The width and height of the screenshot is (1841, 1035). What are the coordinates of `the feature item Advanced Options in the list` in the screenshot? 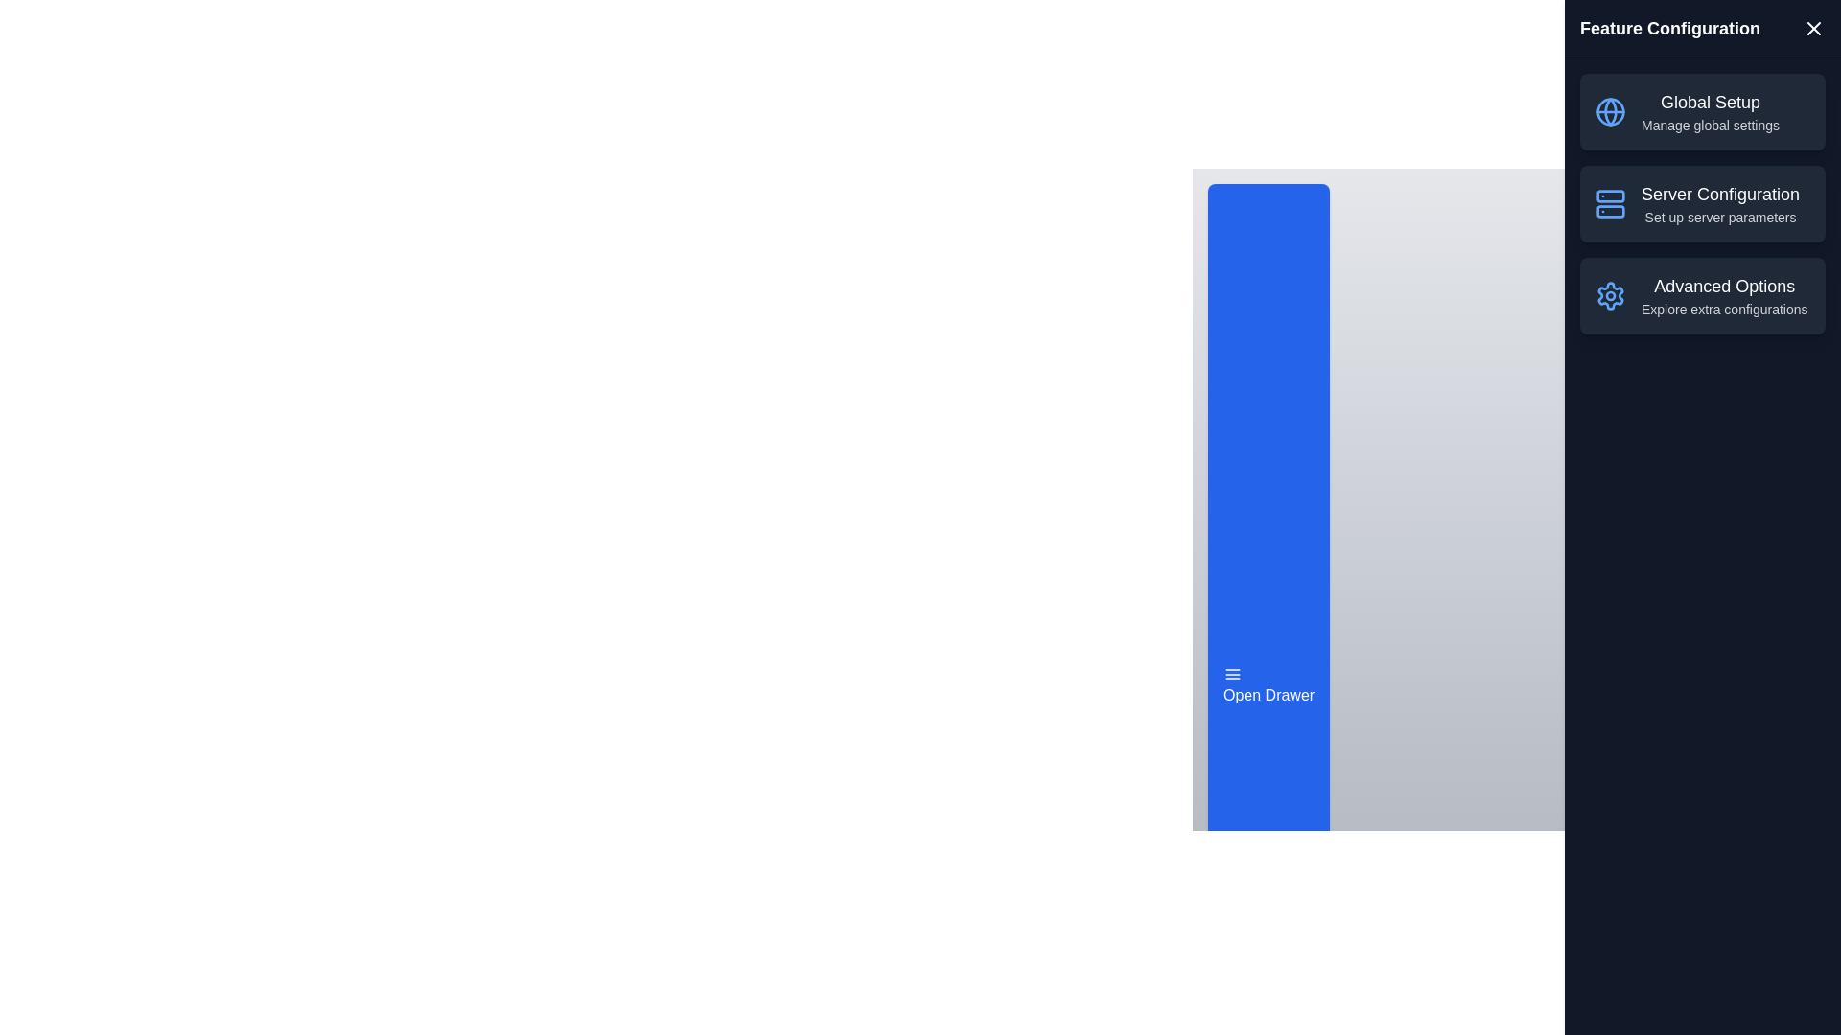 It's located at (1703, 295).